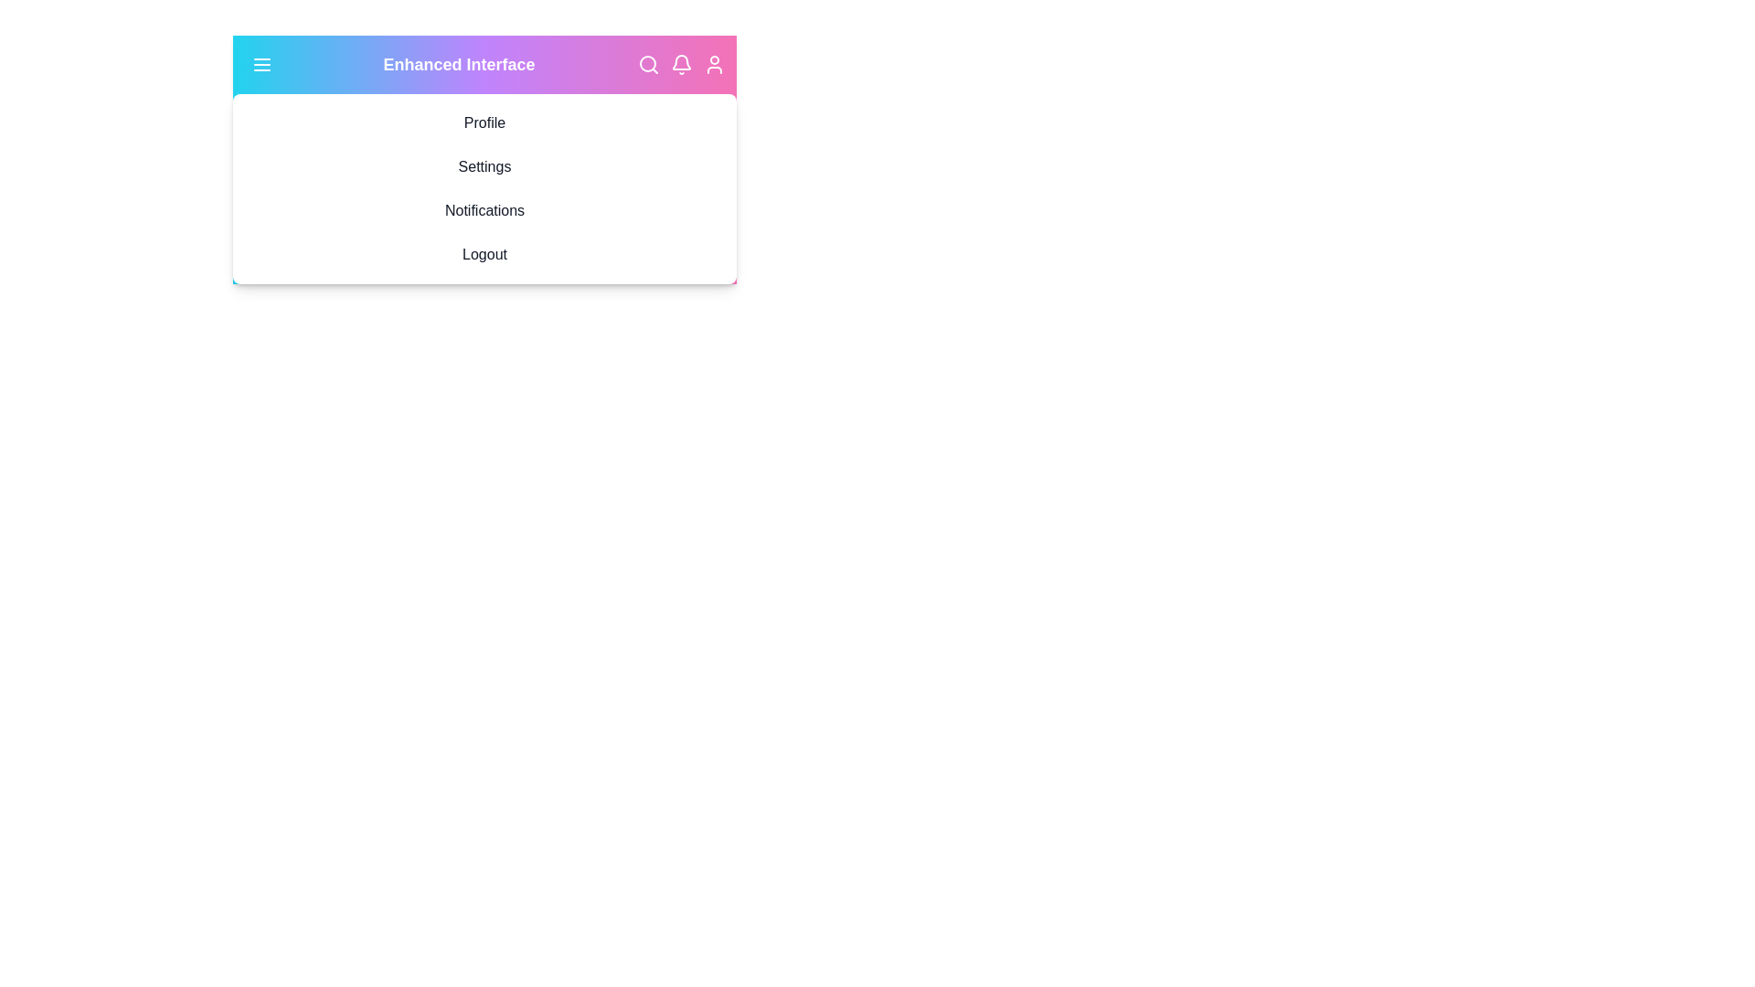 The image size is (1755, 987). I want to click on the bell icon in the top-right corner, so click(680, 63).